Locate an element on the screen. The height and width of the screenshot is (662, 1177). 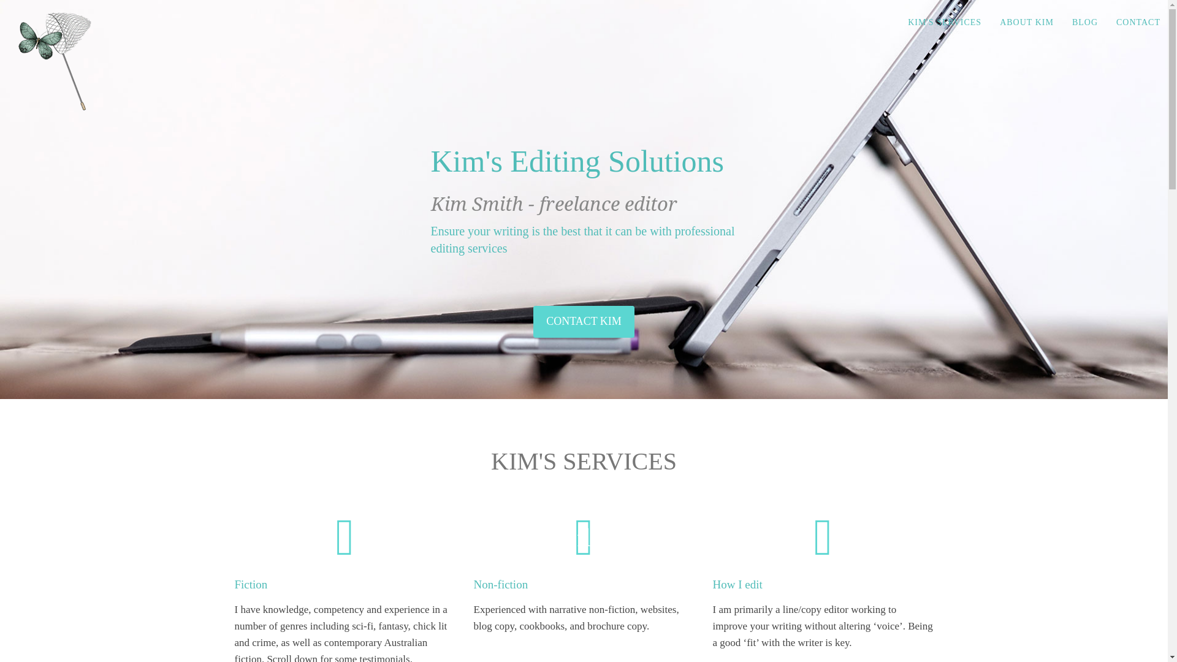
'CONTACT' is located at coordinates (1138, 23).